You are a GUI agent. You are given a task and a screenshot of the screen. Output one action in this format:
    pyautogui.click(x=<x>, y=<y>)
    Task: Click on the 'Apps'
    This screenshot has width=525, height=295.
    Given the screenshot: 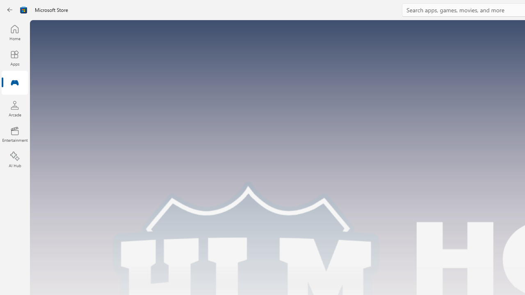 What is the action you would take?
    pyautogui.click(x=14, y=57)
    